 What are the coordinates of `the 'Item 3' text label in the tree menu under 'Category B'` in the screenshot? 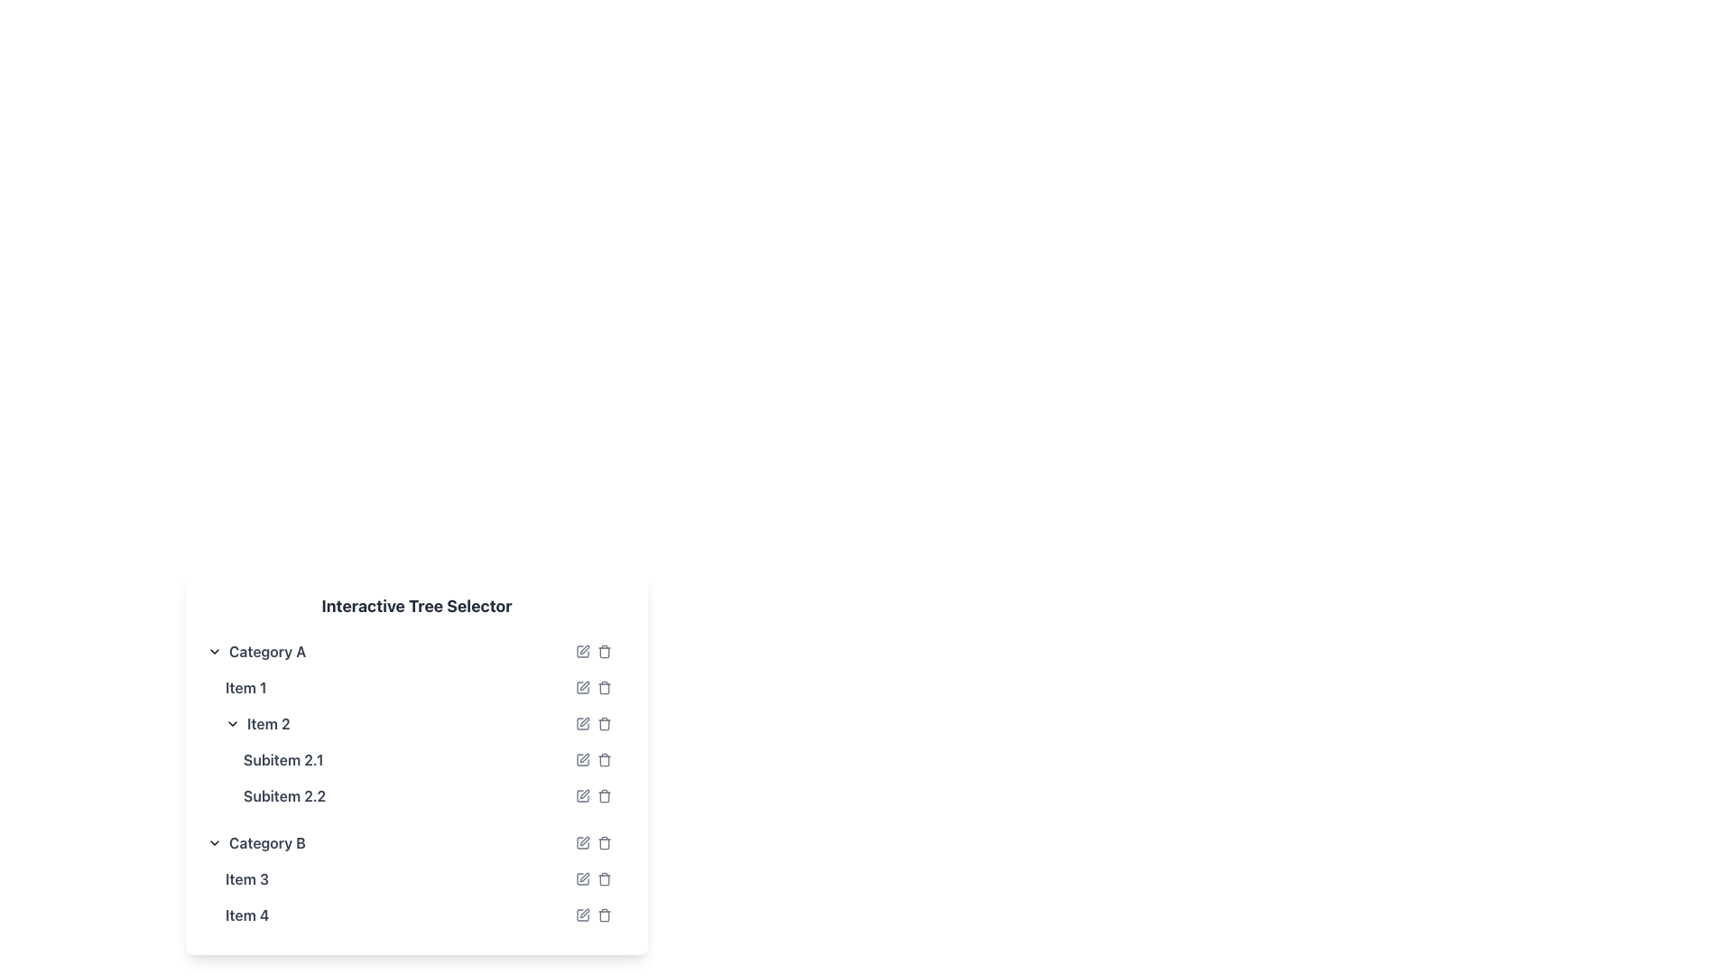 It's located at (246, 878).